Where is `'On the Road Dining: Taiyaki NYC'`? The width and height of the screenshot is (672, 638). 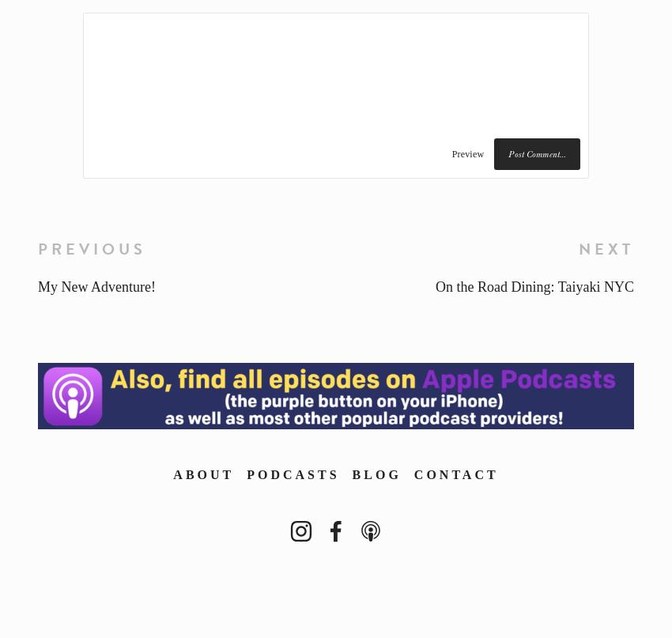
'On the Road Dining: Taiyaki NYC' is located at coordinates (534, 286).